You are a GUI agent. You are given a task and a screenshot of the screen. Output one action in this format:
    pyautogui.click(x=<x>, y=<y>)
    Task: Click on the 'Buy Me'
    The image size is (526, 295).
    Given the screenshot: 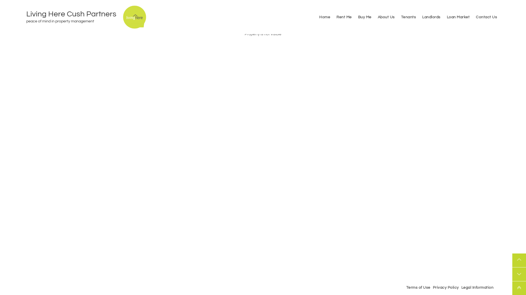 What is the action you would take?
    pyautogui.click(x=364, y=16)
    